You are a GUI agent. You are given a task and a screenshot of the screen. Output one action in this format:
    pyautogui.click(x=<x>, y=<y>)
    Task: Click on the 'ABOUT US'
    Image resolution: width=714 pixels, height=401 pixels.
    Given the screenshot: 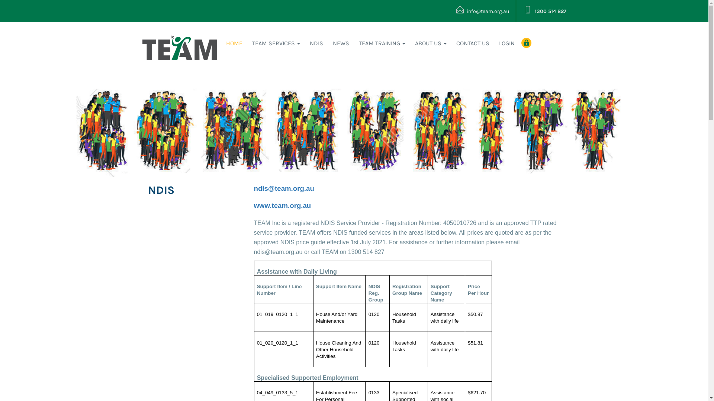 What is the action you would take?
    pyautogui.click(x=431, y=43)
    